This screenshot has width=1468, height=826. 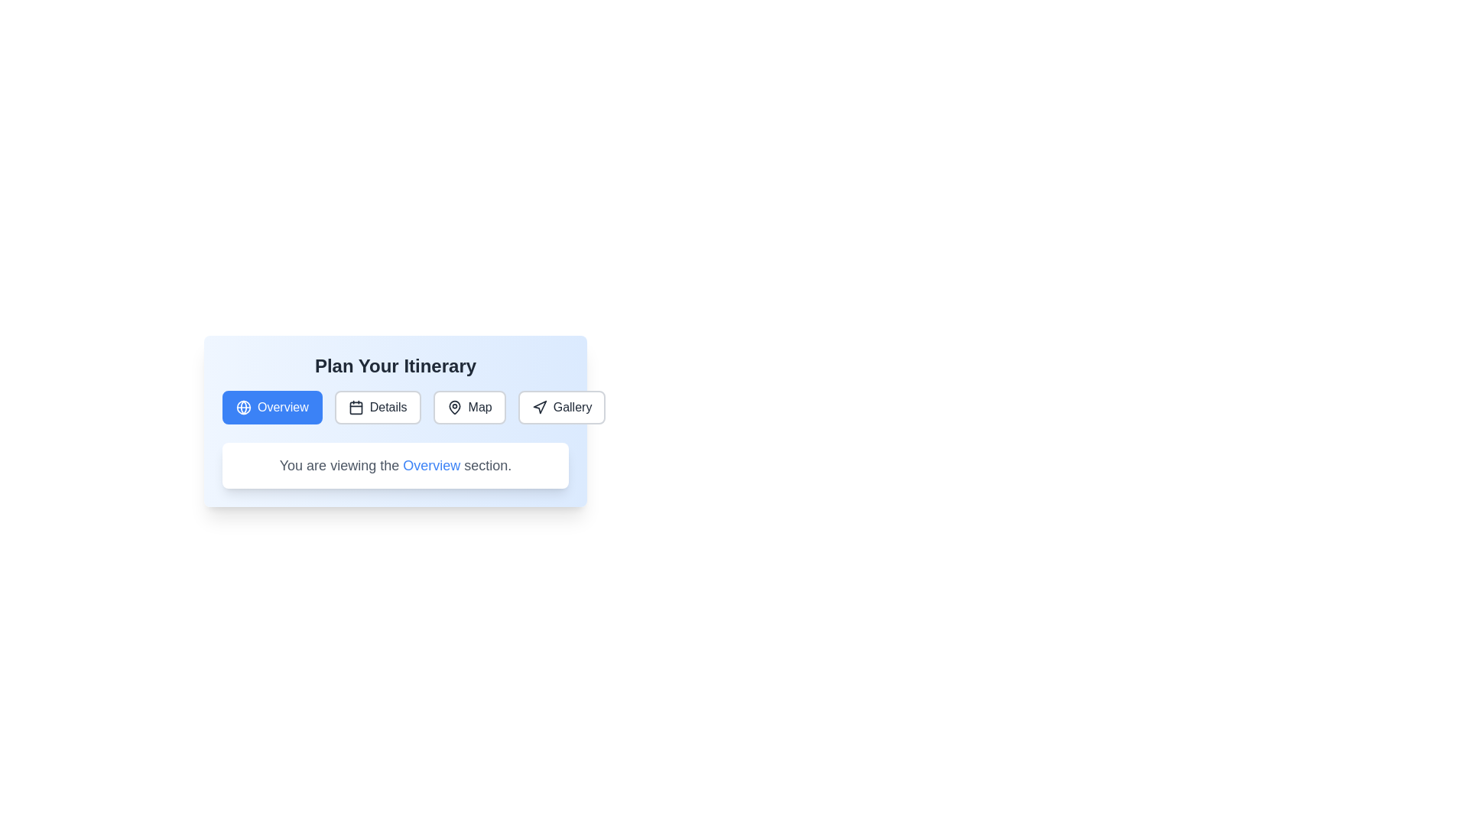 I want to click on the navigation pointer icon within the 'Gallery' button, which is the last button in the horizontal group under the 'Plan Your Itinerary' header, so click(x=539, y=406).